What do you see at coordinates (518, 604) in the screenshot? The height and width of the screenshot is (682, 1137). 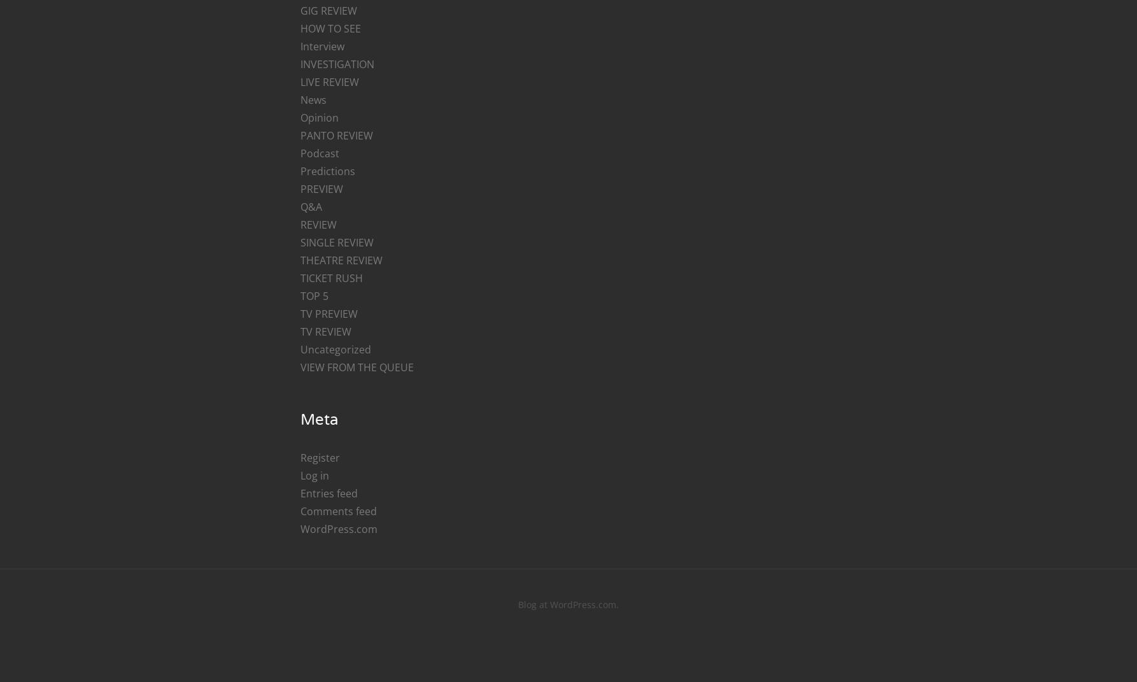 I see `'Blog at WordPress.com.'` at bounding box center [518, 604].